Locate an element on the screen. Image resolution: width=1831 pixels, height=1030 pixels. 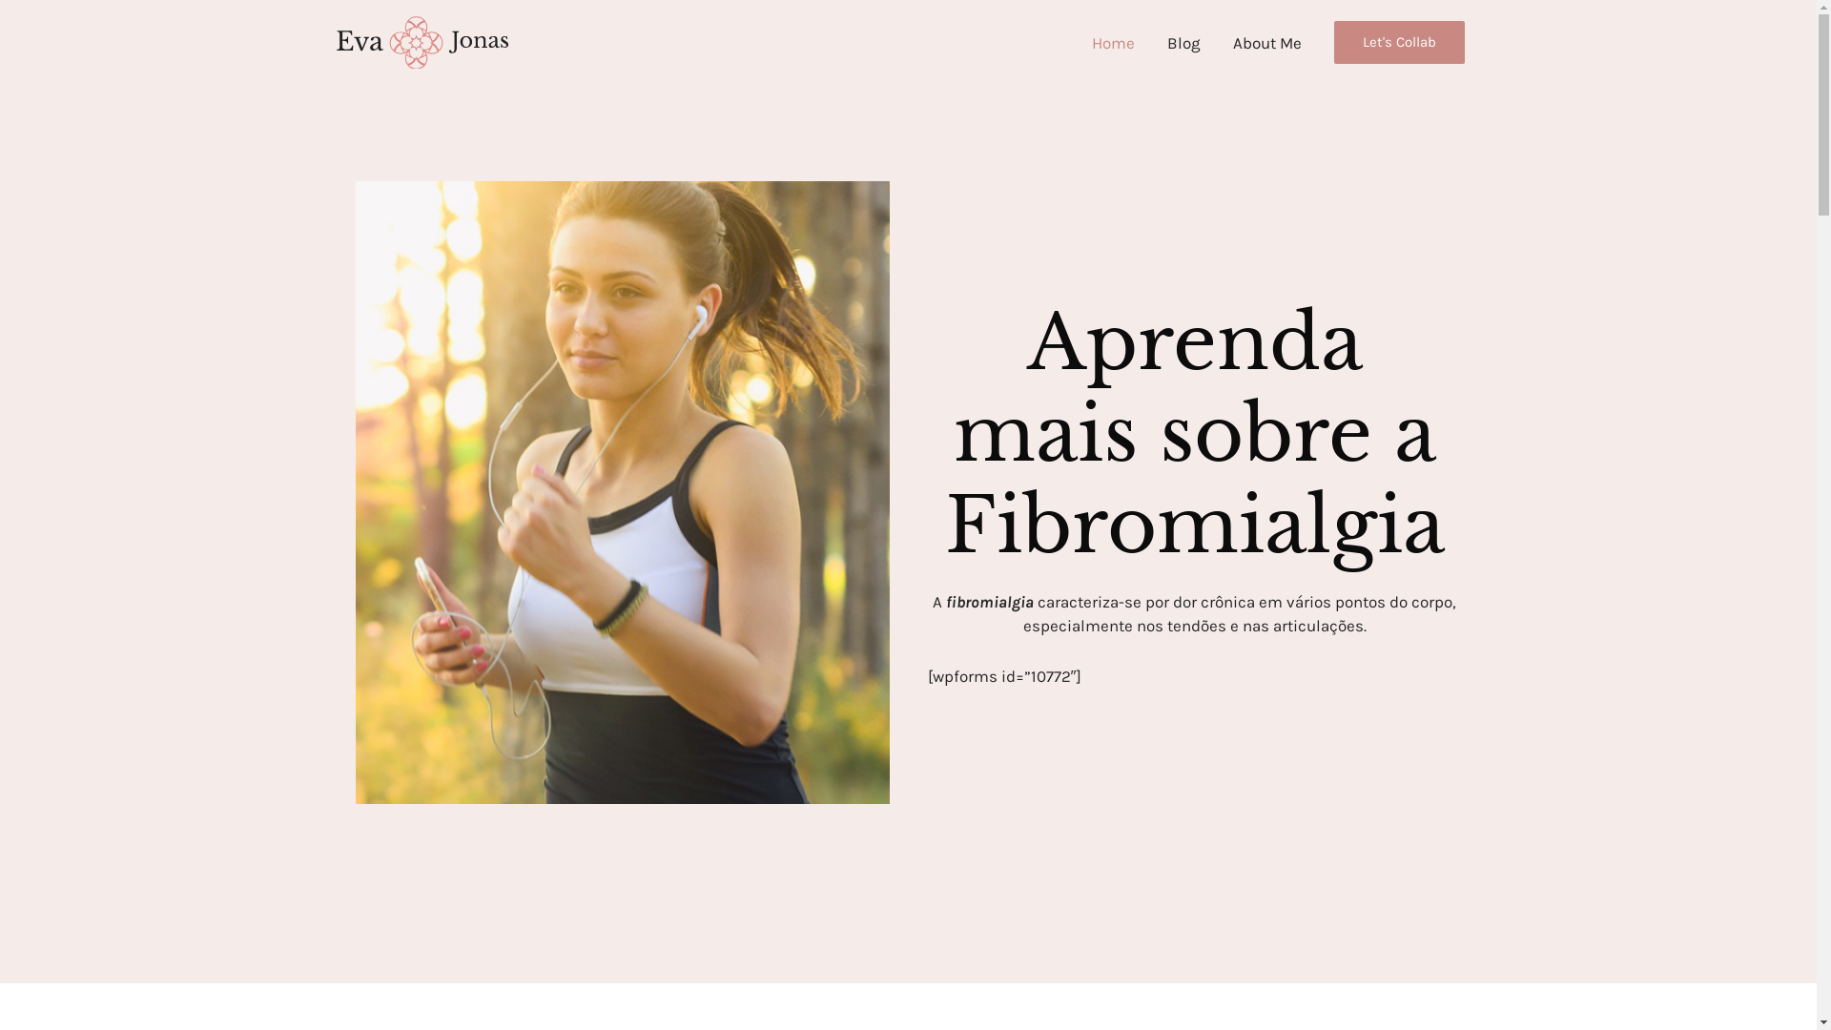
'About Me' is located at coordinates (1267, 43).